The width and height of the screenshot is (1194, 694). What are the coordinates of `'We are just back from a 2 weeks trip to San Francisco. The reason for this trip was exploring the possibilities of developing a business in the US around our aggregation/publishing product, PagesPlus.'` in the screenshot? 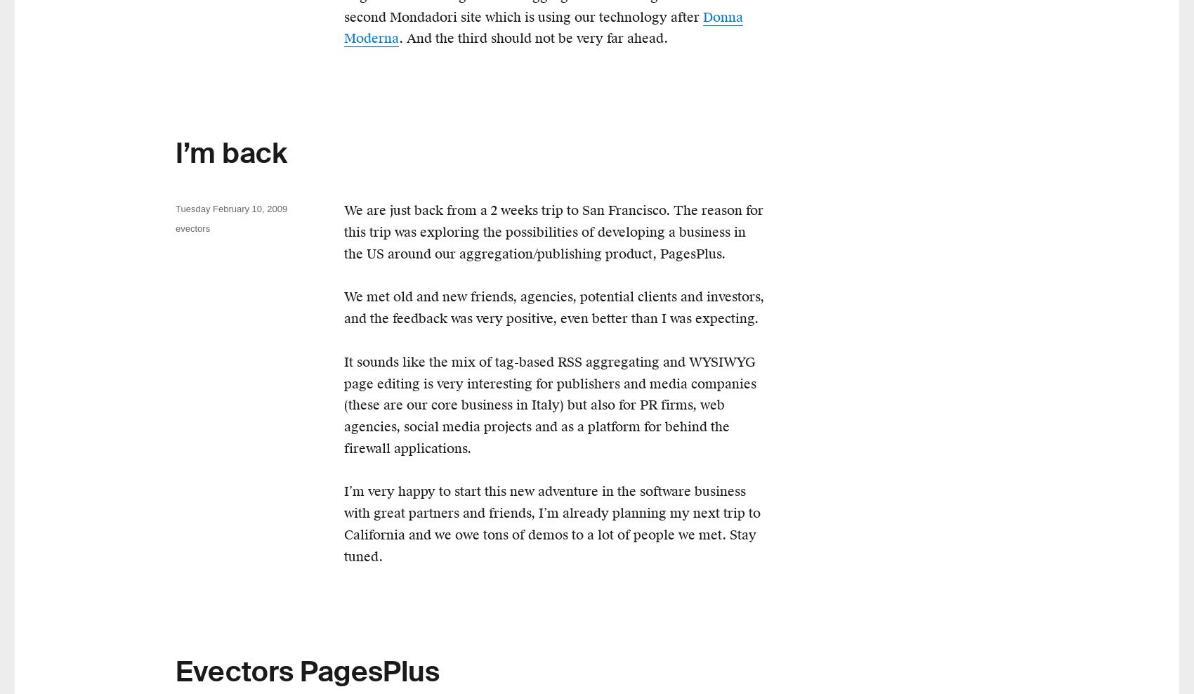 It's located at (553, 231).